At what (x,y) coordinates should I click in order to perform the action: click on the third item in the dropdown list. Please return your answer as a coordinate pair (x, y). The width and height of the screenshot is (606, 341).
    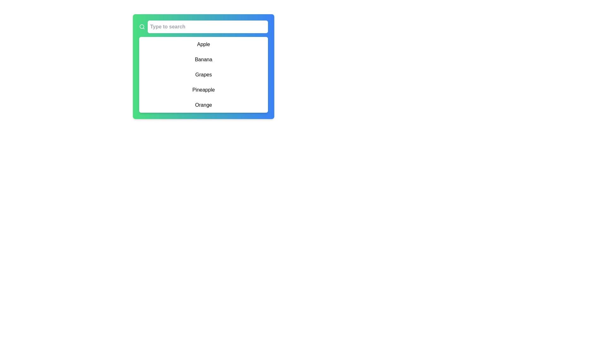
    Looking at the image, I should click on (203, 74).